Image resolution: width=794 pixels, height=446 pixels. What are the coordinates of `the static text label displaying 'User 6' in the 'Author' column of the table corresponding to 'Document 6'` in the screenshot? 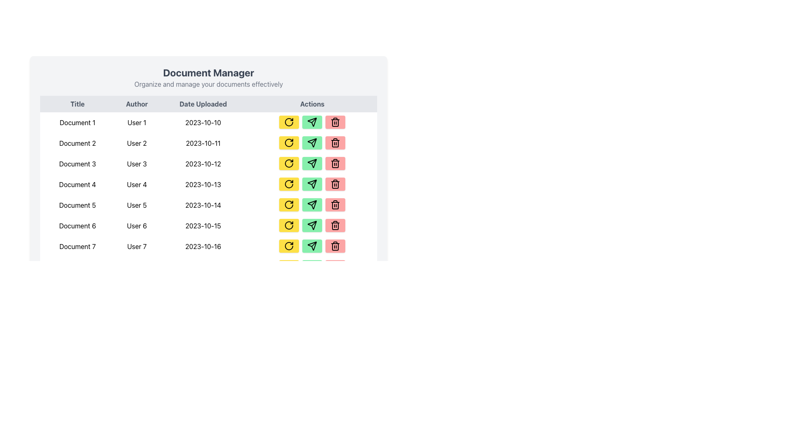 It's located at (137, 226).